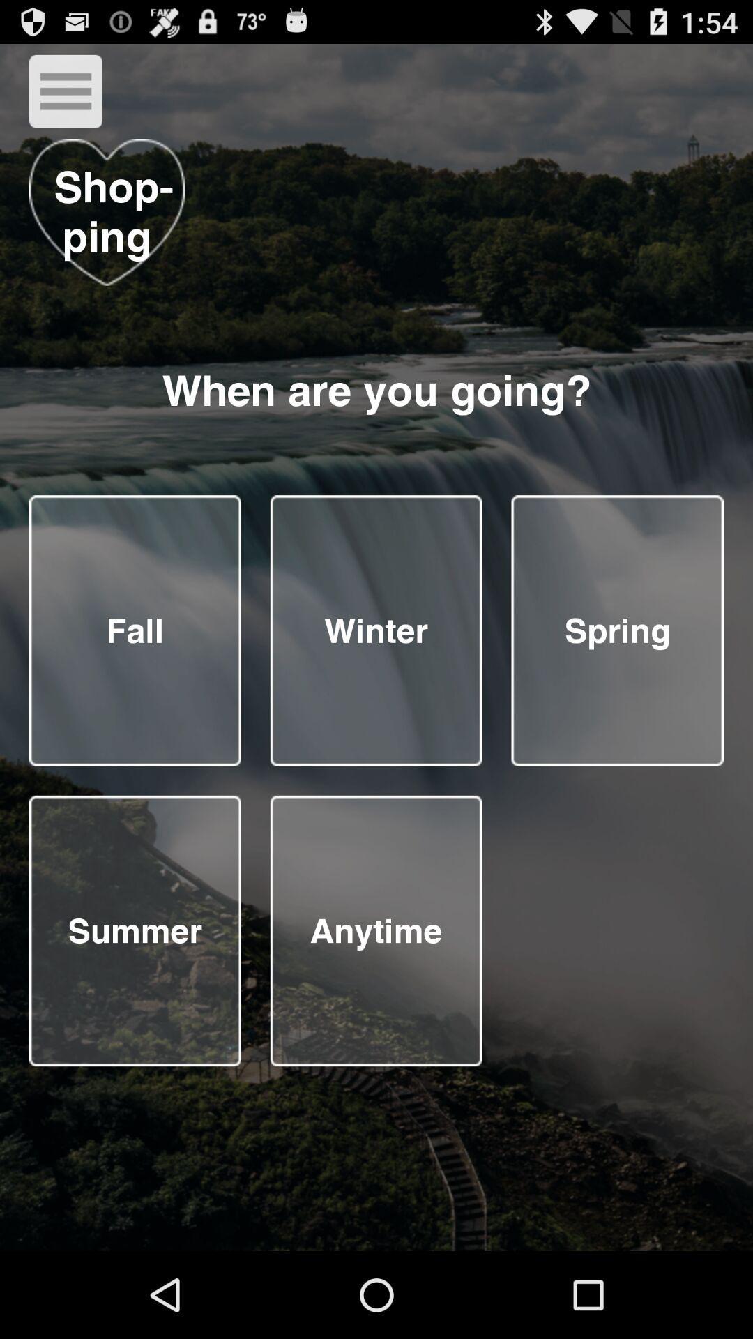  Describe the element at coordinates (375, 930) in the screenshot. I see `using in document fill` at that location.